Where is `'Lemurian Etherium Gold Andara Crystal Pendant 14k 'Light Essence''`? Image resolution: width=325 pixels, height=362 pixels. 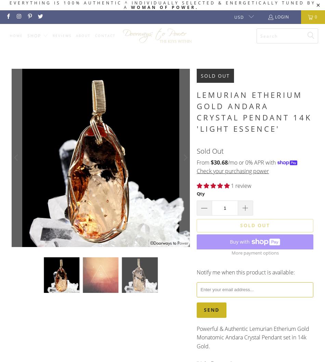 'Lemurian Etherium Gold Andara Crystal Pendant 14k 'Light Essence'' is located at coordinates (254, 111).